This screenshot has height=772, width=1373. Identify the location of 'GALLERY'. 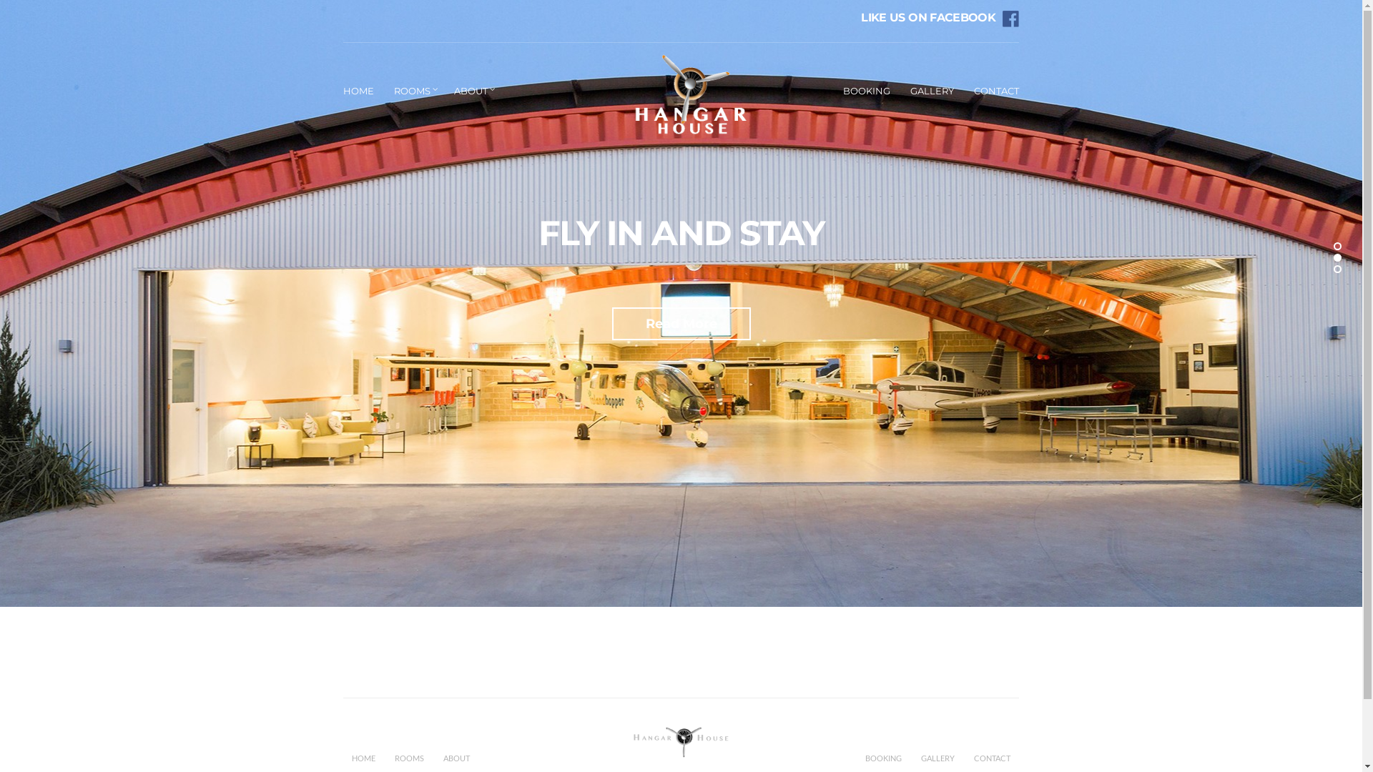
(938, 759).